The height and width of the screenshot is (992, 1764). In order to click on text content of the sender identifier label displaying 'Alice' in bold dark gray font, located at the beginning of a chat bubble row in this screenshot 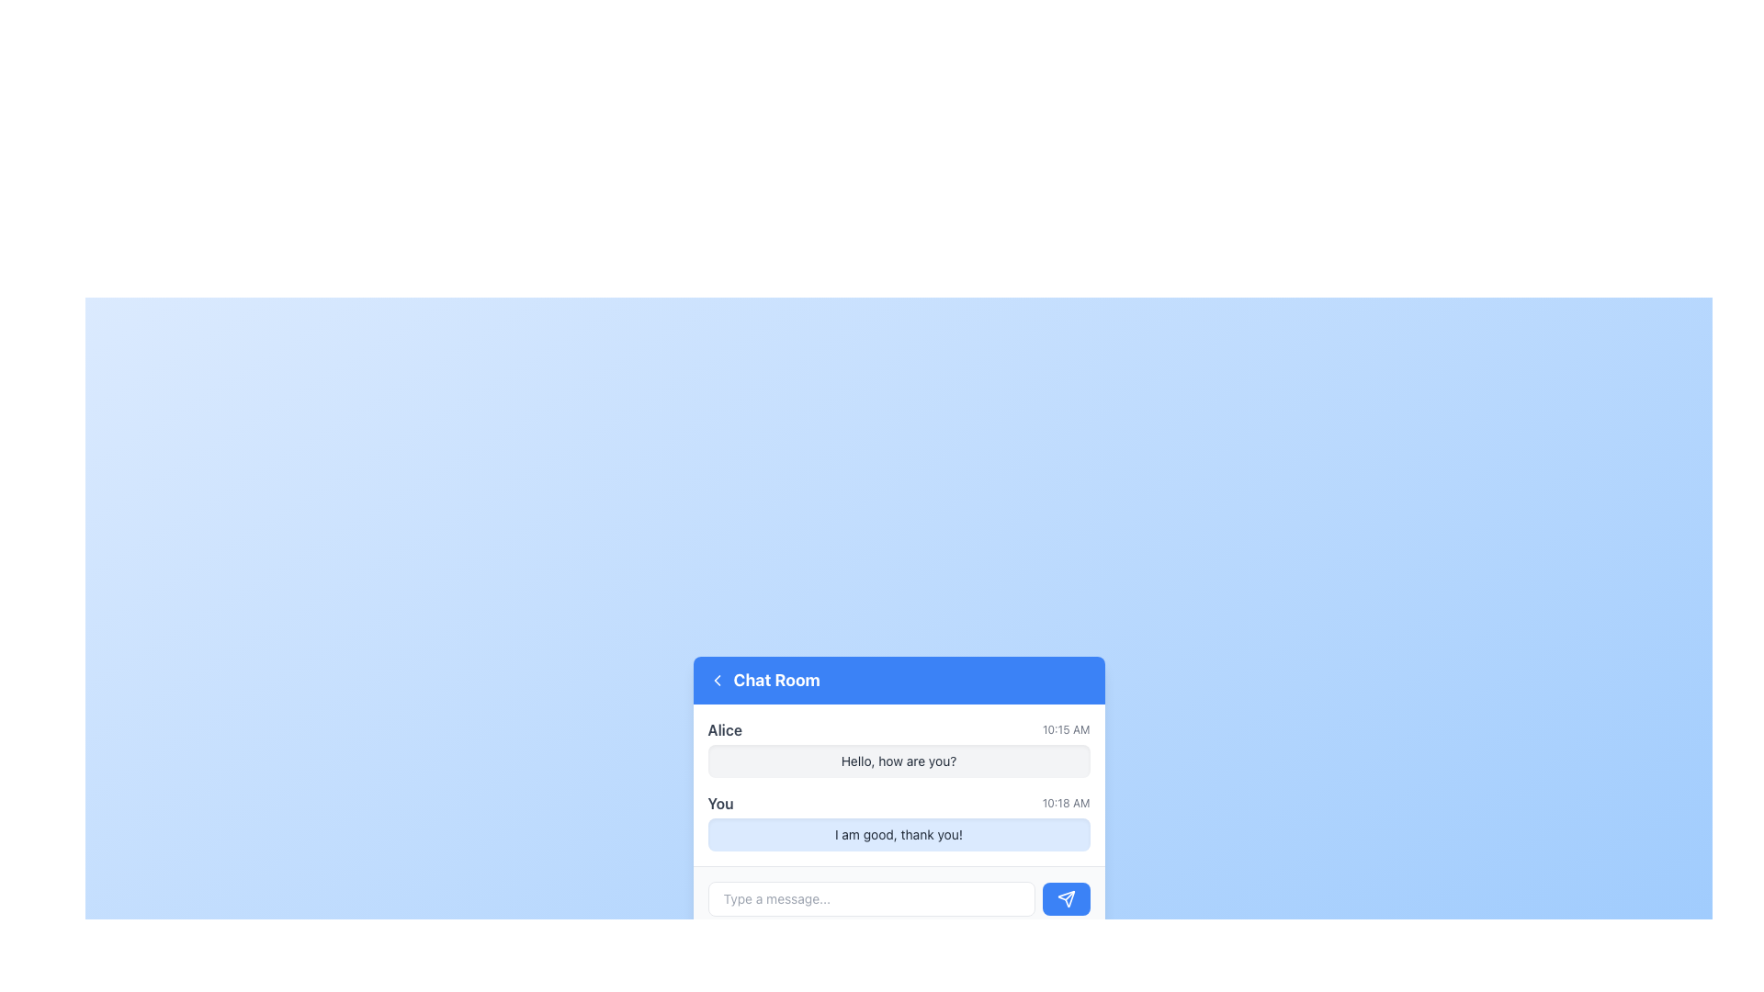, I will do `click(724, 728)`.